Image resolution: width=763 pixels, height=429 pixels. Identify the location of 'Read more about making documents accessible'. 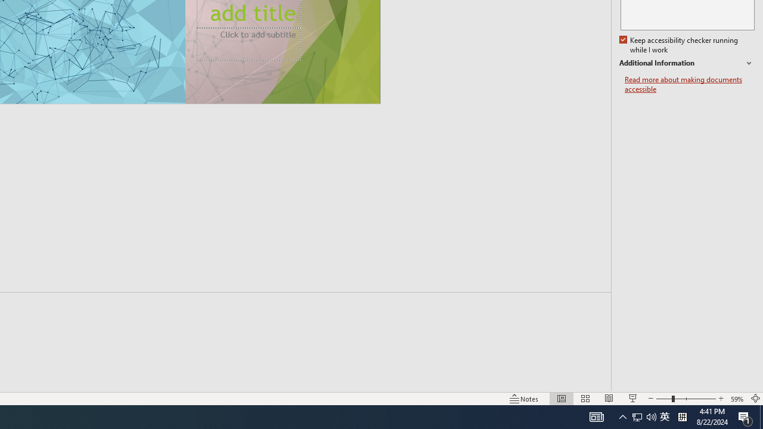
(690, 84).